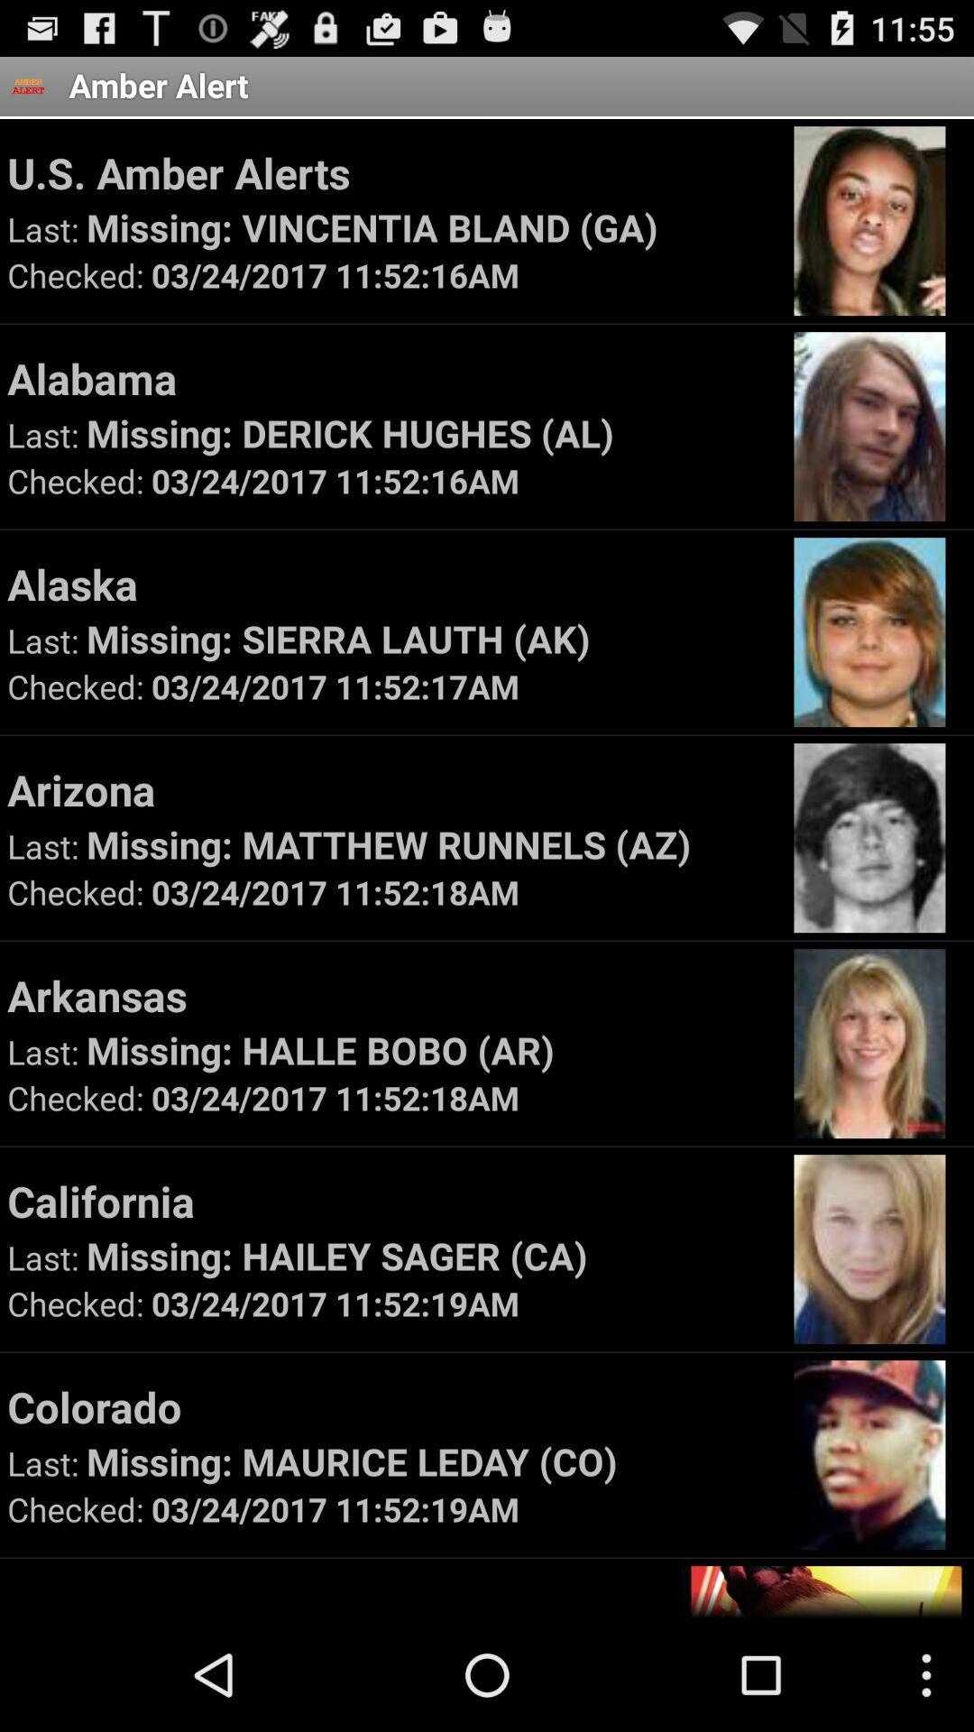 The height and width of the screenshot is (1732, 974). Describe the element at coordinates (391, 1405) in the screenshot. I see `the colorado icon` at that location.